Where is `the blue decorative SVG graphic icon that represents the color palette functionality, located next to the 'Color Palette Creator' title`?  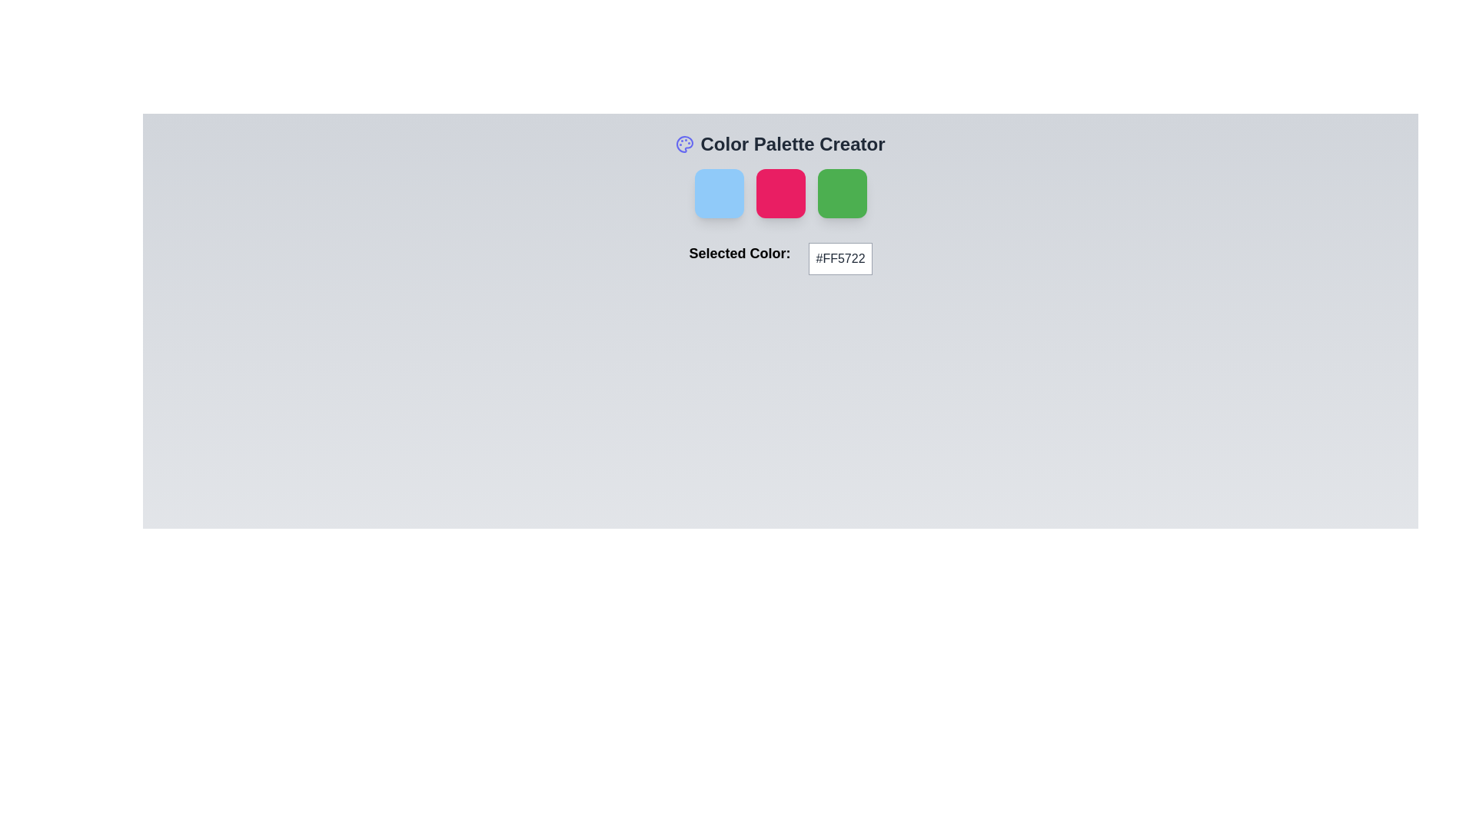 the blue decorative SVG graphic icon that represents the color palette functionality, located next to the 'Color Palette Creator' title is located at coordinates (684, 144).